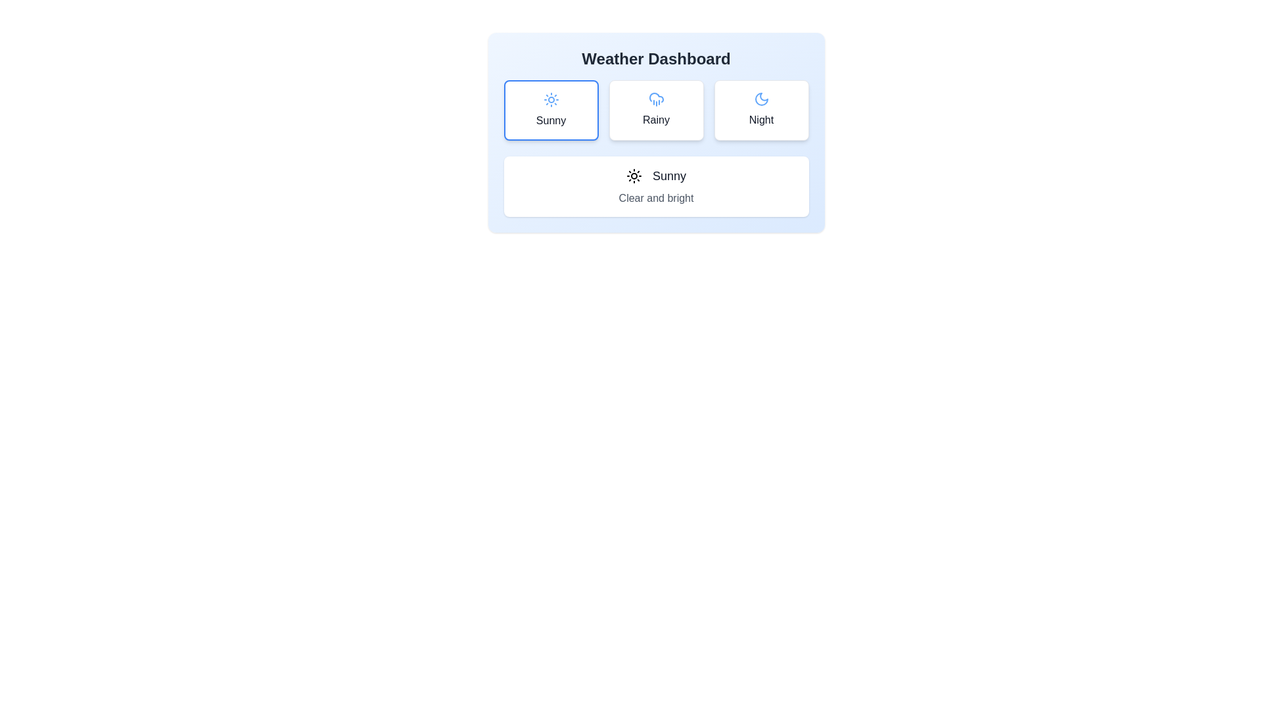 The height and width of the screenshot is (710, 1262). I want to click on the 'Night' text label located centrally beneath the crescent moon icon in the rightmost card of the three-card layout, so click(761, 120).